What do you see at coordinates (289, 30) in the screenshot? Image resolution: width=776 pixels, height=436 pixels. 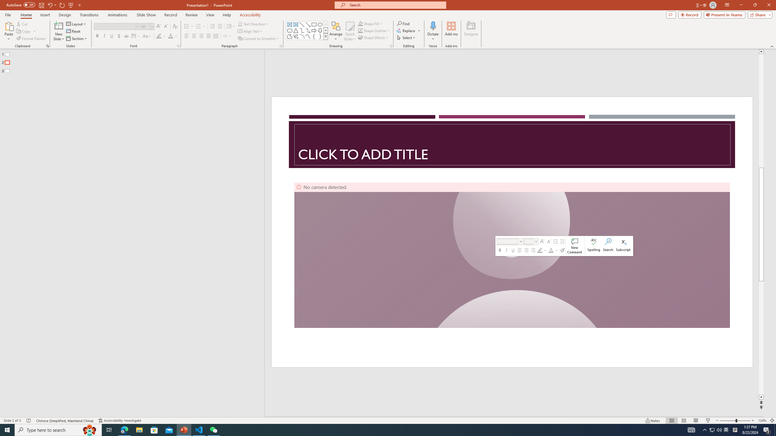 I see `'Rectangle: Rounded Corners'` at bounding box center [289, 30].